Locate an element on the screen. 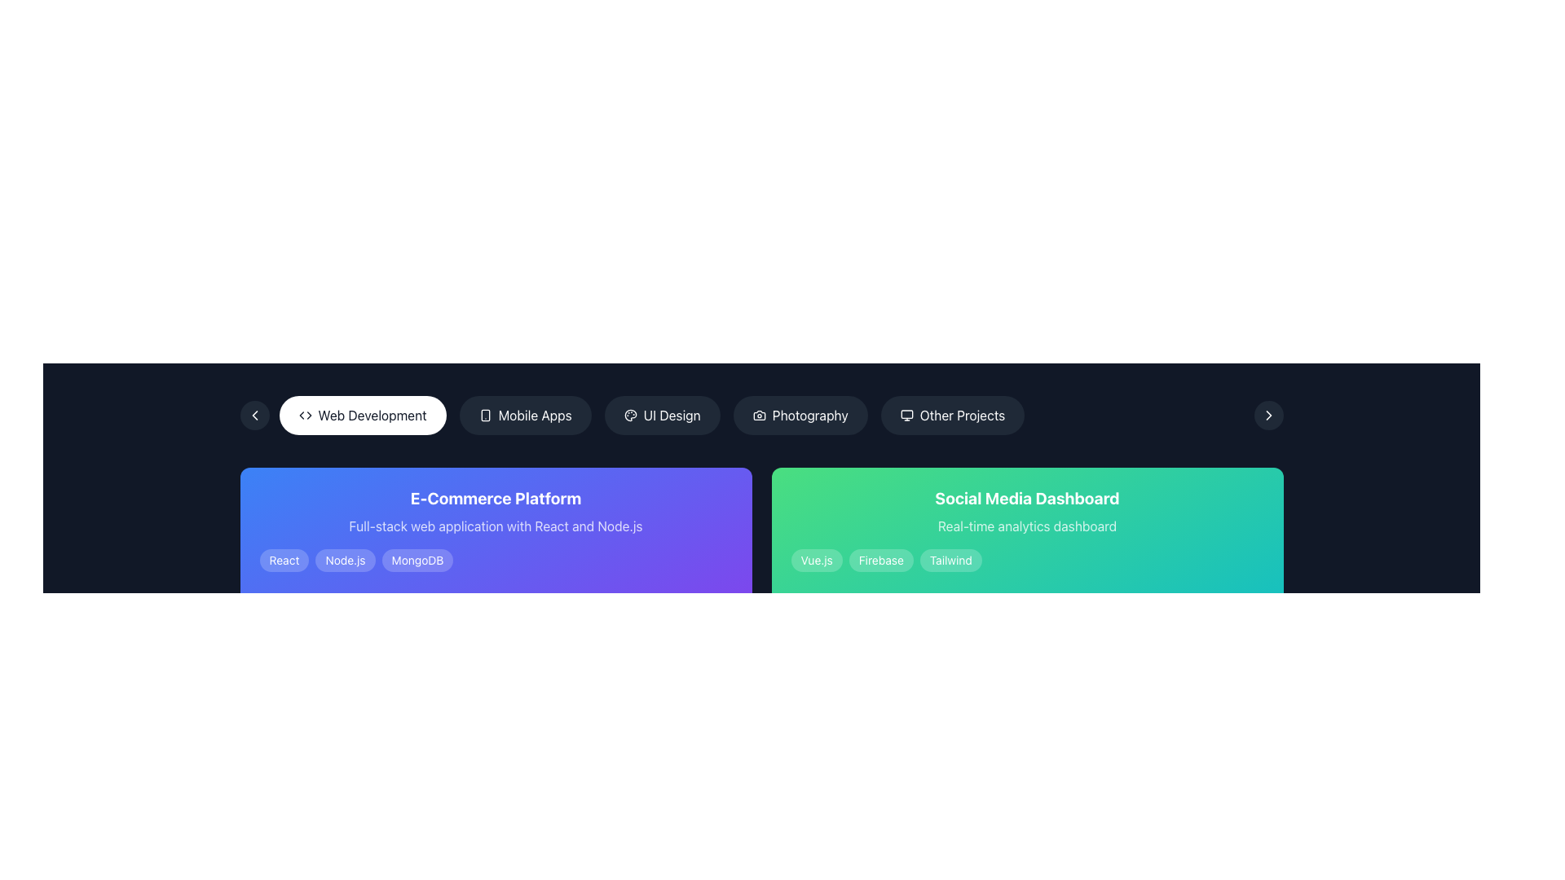  the 'Mobile Apps' icon located inside the button labeled 'Mobile Apps' in the top center horizontal navigation bar is located at coordinates (484, 414).